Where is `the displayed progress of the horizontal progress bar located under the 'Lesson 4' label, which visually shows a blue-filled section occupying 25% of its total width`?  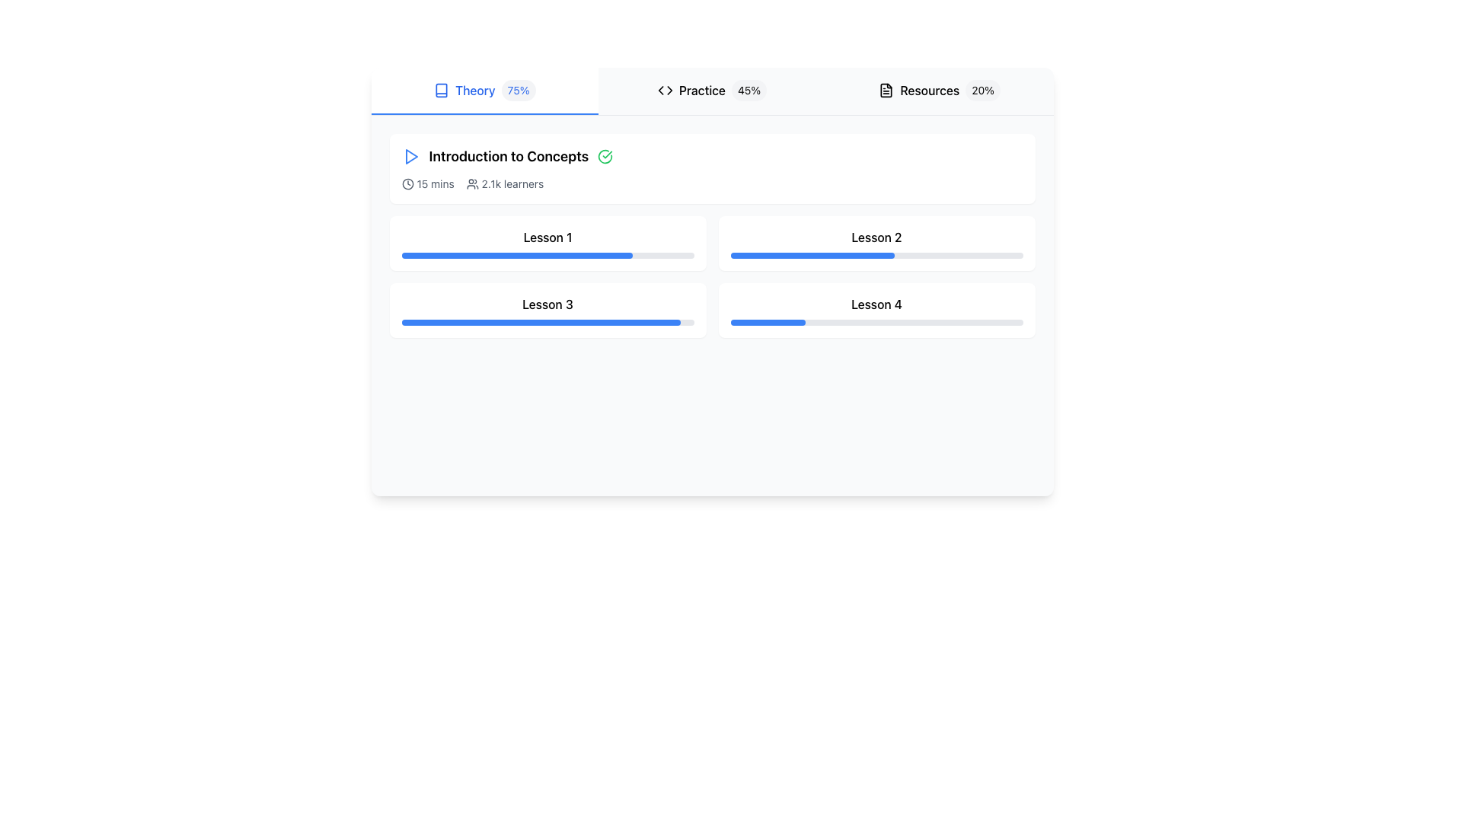 the displayed progress of the horizontal progress bar located under the 'Lesson 4' label, which visually shows a blue-filled section occupying 25% of its total width is located at coordinates (876, 322).